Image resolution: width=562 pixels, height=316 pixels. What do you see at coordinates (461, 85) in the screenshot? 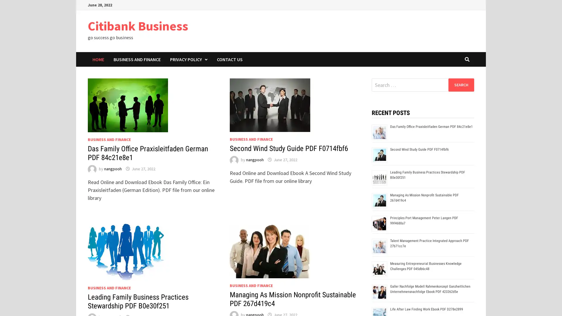
I see `Search` at bounding box center [461, 85].